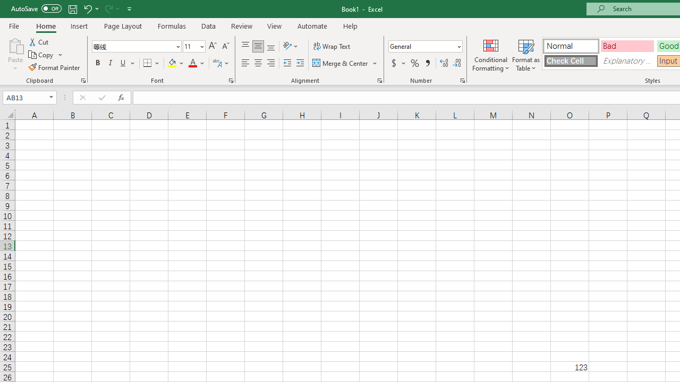 The height and width of the screenshot is (382, 680). Describe the element at coordinates (197, 63) in the screenshot. I see `'Font Color'` at that location.